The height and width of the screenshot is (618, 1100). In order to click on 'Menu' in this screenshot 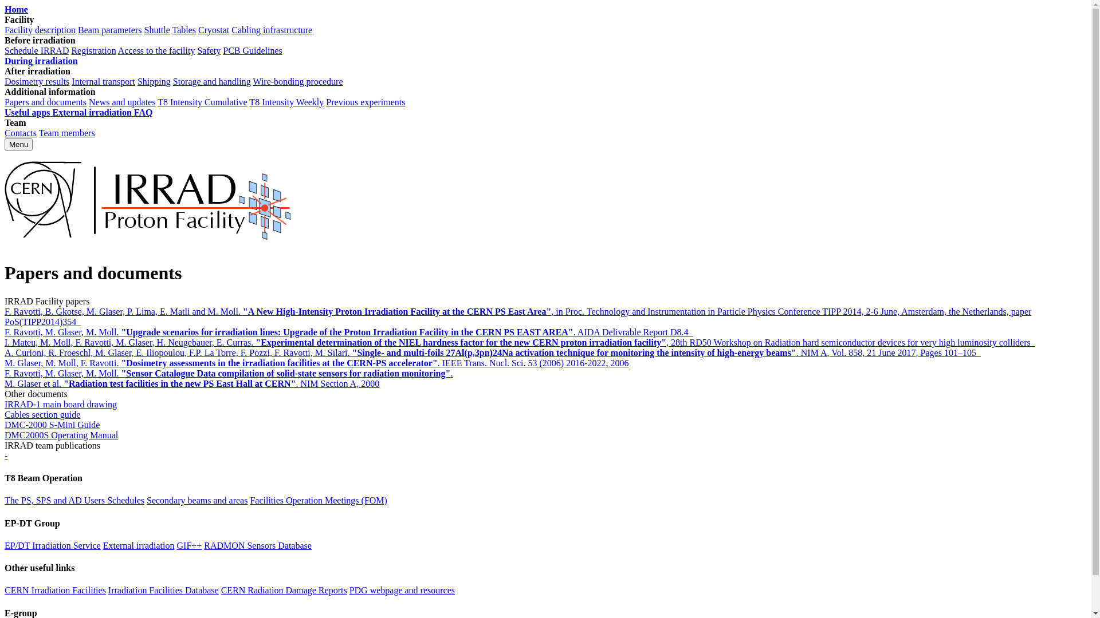, I will do `click(5, 144)`.